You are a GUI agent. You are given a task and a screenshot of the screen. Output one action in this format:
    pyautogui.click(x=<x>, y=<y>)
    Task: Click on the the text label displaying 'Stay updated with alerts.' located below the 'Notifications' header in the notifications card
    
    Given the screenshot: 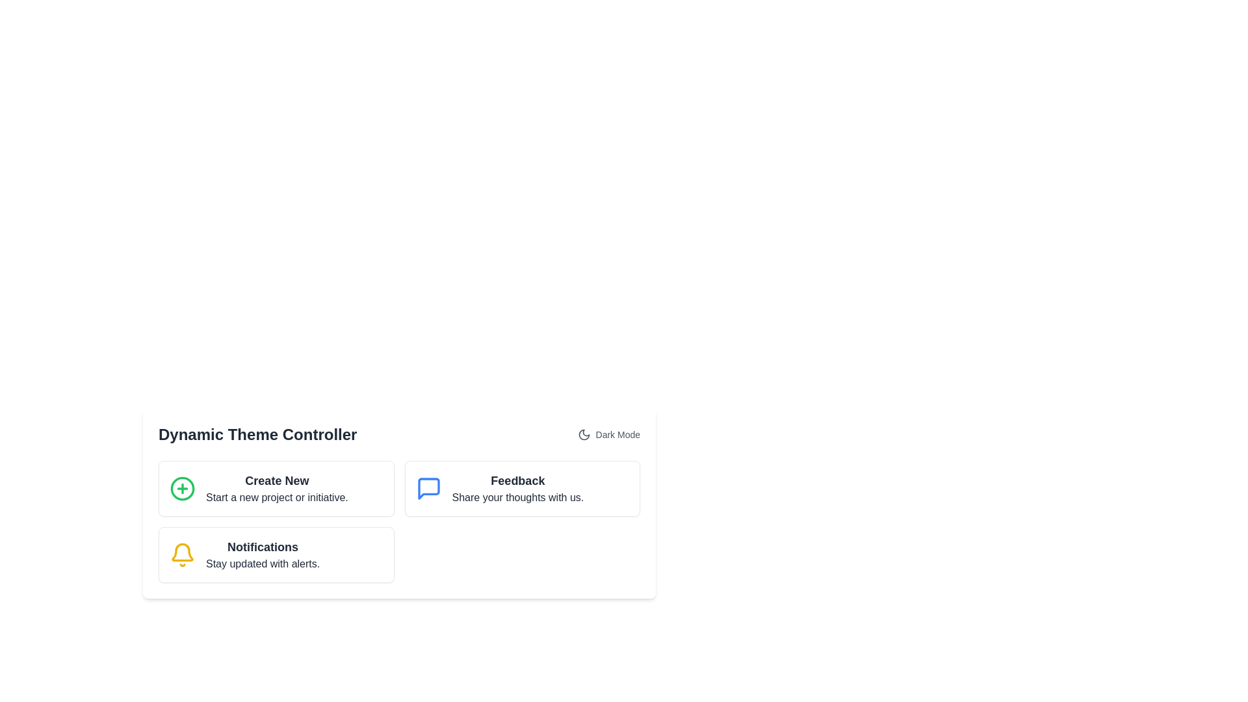 What is the action you would take?
    pyautogui.click(x=262, y=563)
    